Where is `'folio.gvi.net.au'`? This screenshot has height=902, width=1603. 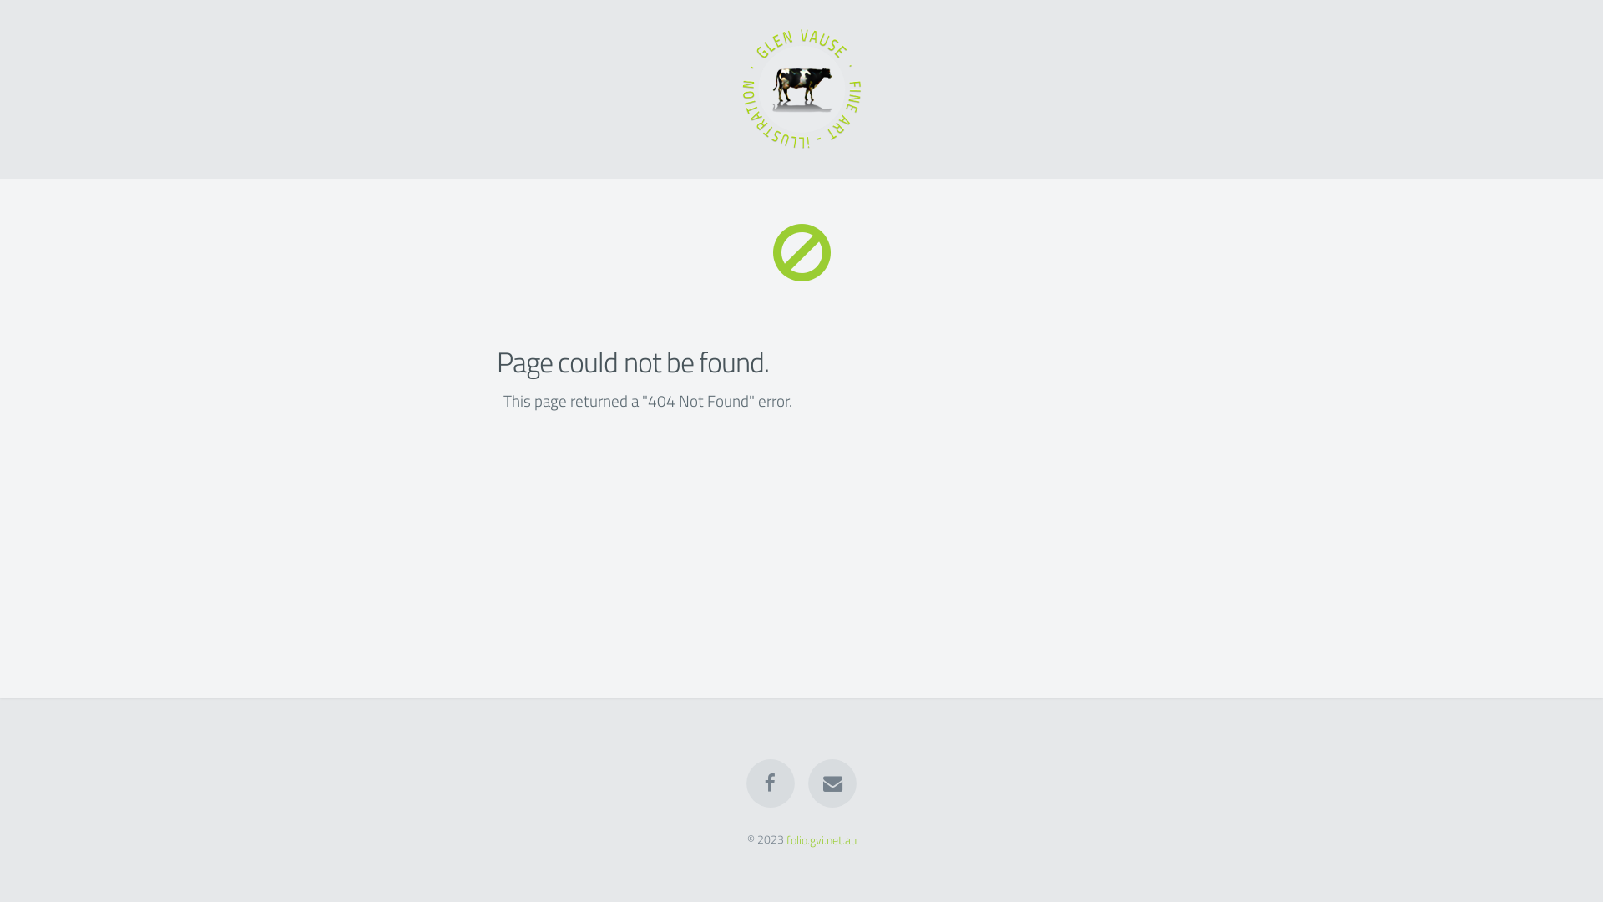 'folio.gvi.net.au' is located at coordinates (821, 839).